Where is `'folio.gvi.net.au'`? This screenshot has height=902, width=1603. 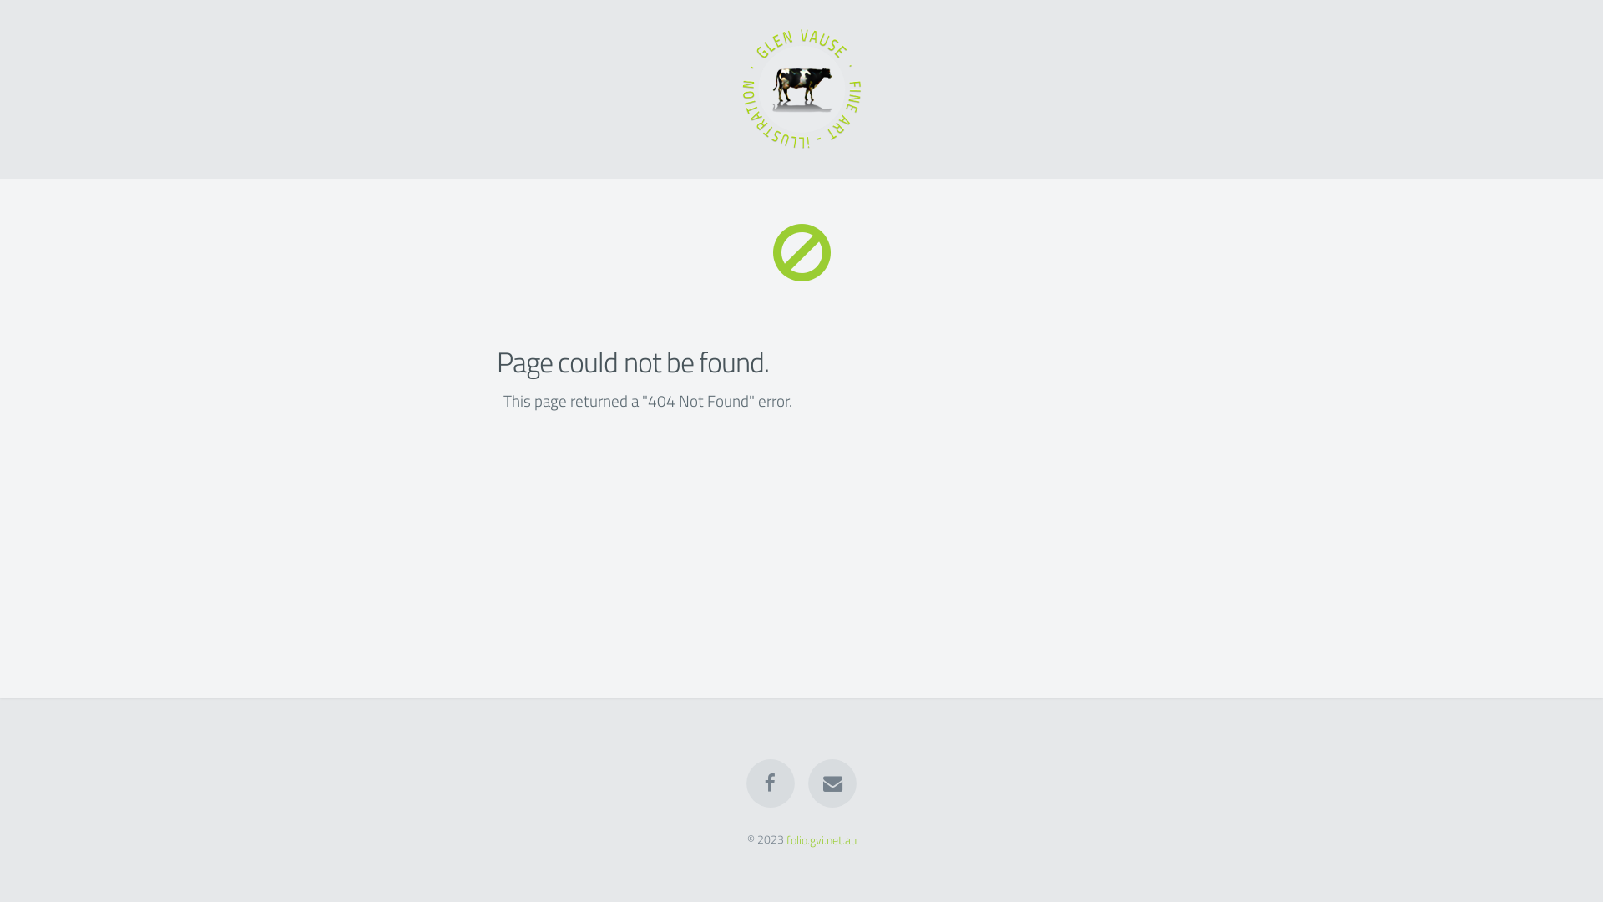 'folio.gvi.net.au' is located at coordinates (821, 839).